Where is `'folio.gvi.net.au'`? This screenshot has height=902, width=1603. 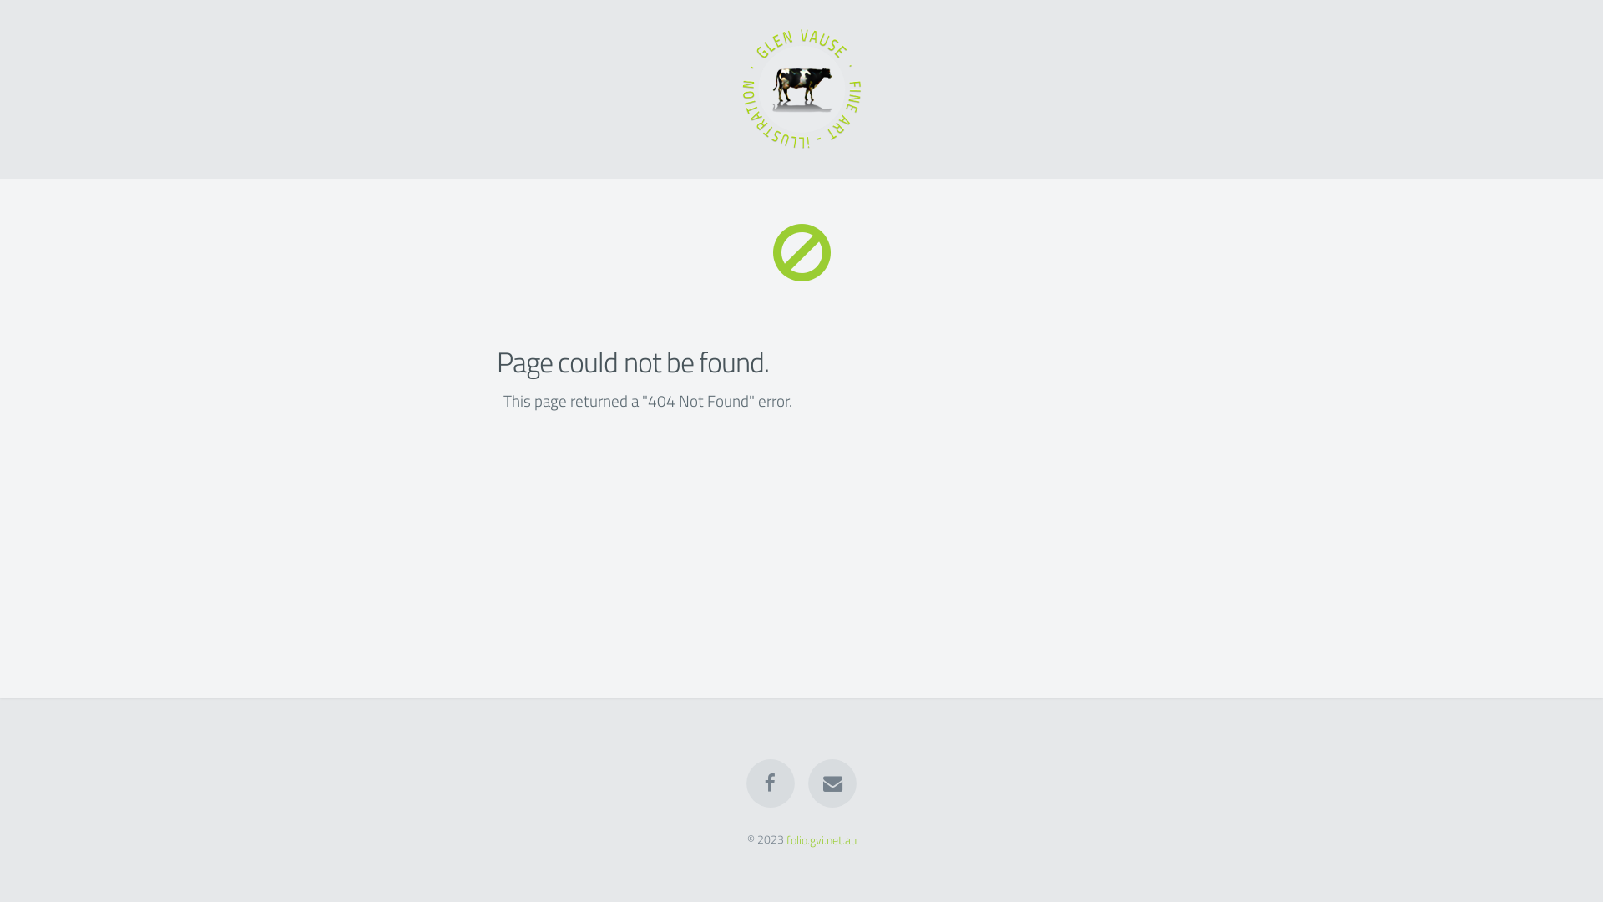 'folio.gvi.net.au' is located at coordinates (821, 839).